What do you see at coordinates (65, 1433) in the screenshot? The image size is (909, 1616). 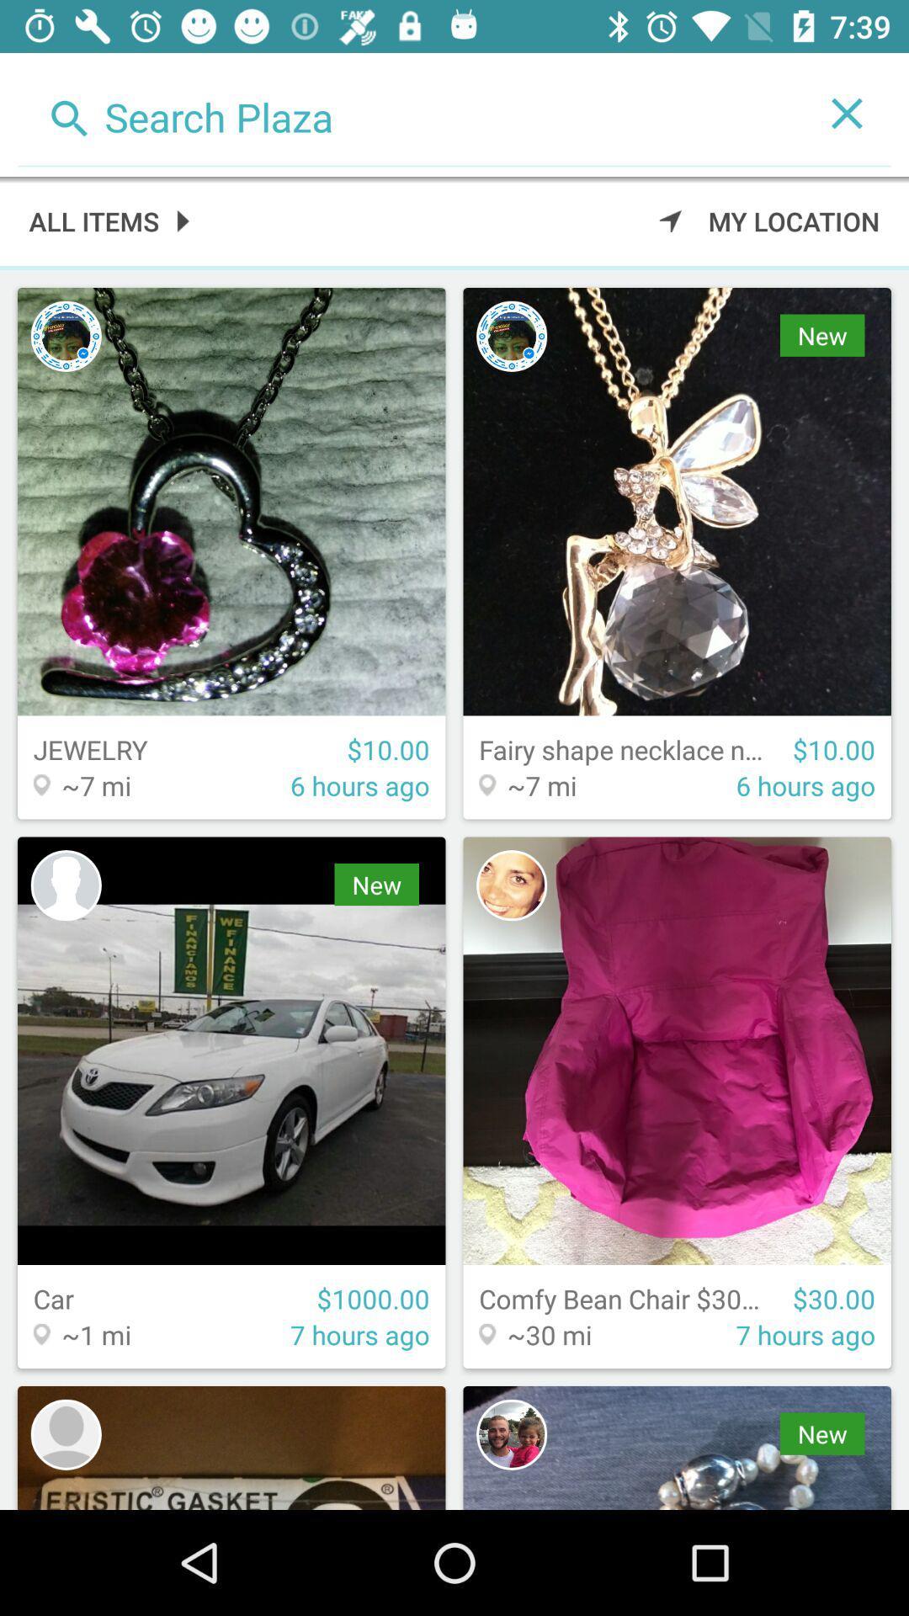 I see `display picture of seller` at bounding box center [65, 1433].